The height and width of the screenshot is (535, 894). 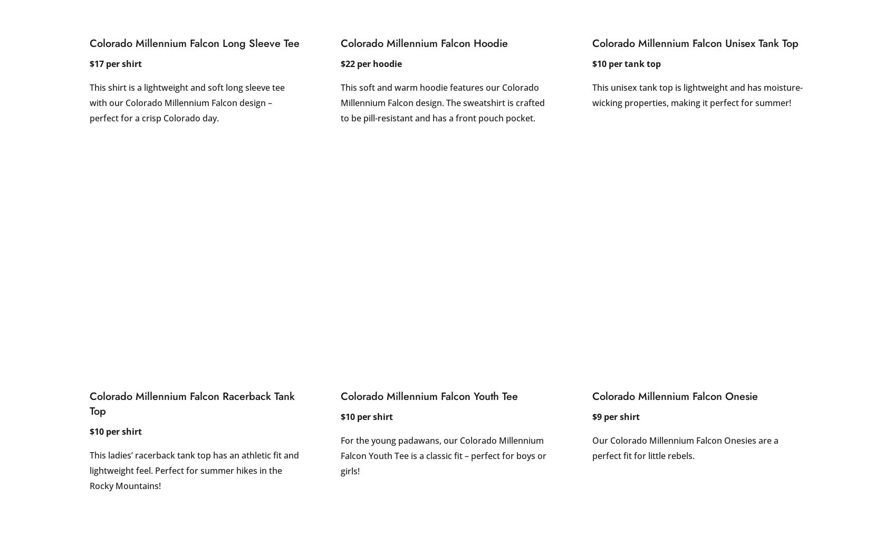 I want to click on 'Colorado Millennium Falcon Unisex Tank Top', so click(x=591, y=43).